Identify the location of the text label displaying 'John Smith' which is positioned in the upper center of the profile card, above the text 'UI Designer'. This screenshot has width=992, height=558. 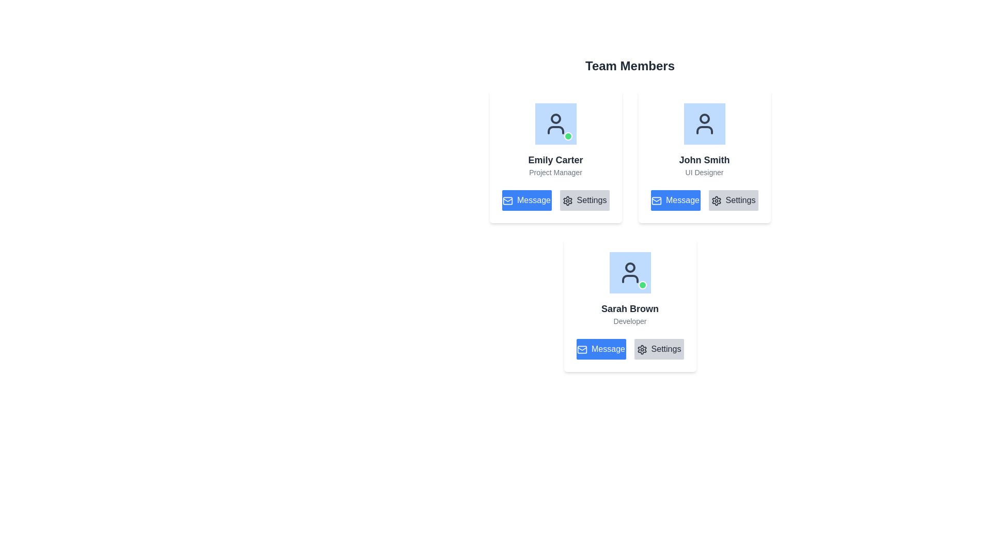
(704, 160).